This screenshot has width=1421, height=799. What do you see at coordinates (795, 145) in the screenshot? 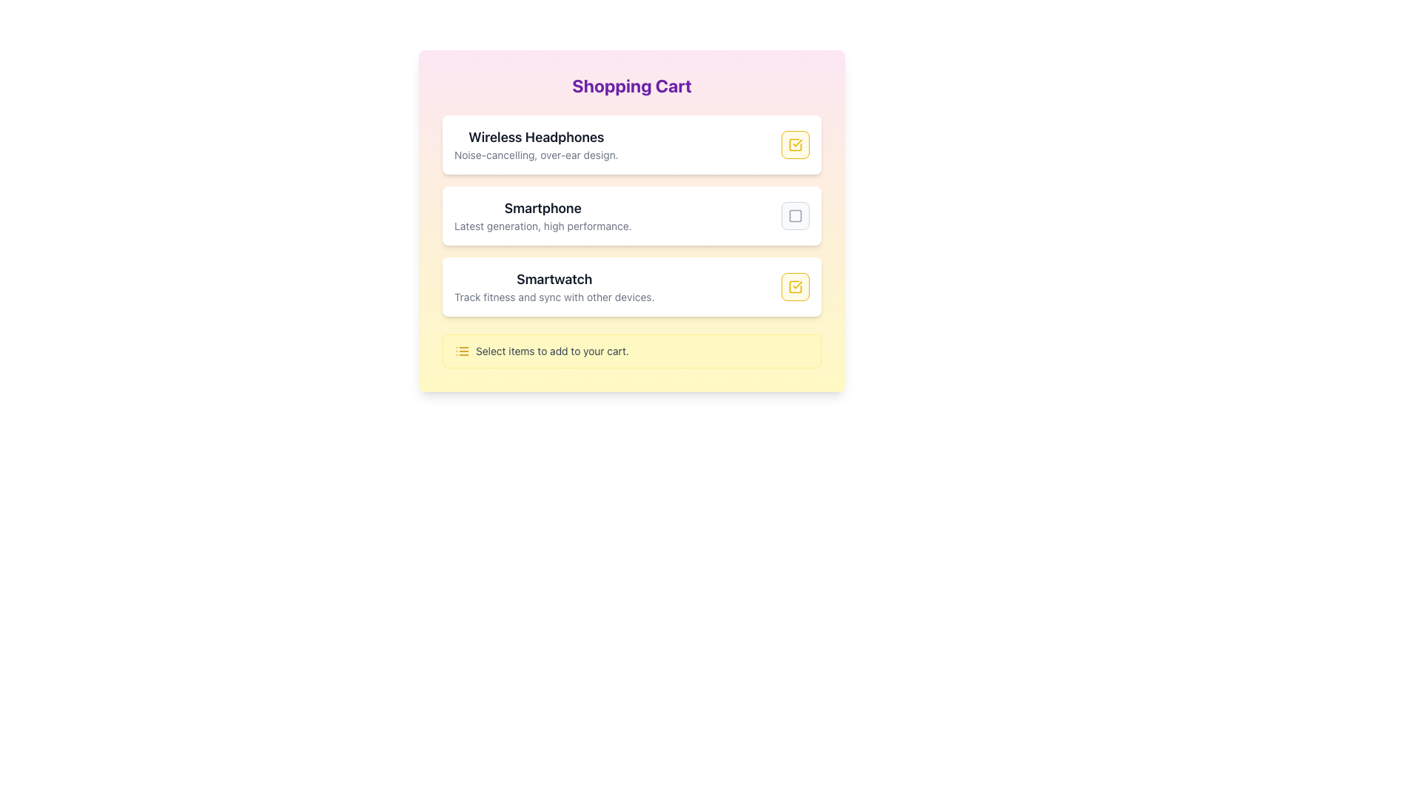
I see `the checkbox located in the top-right corner of the 'Wireless Headphones' card` at bounding box center [795, 145].